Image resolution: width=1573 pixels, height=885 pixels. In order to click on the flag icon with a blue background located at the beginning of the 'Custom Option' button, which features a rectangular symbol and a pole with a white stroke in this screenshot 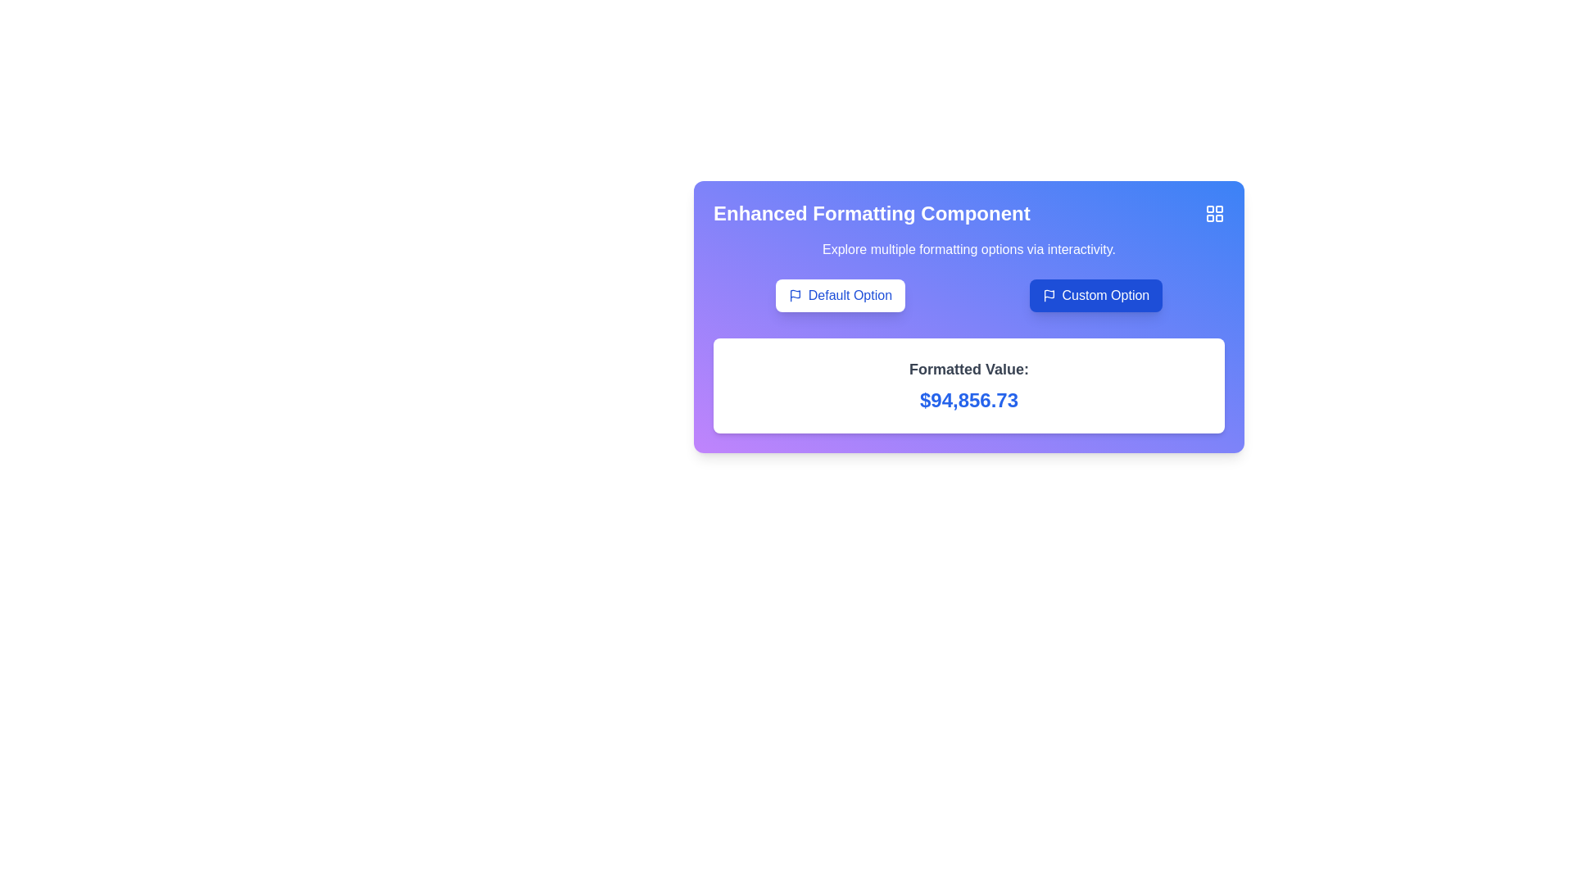, I will do `click(1049, 296)`.